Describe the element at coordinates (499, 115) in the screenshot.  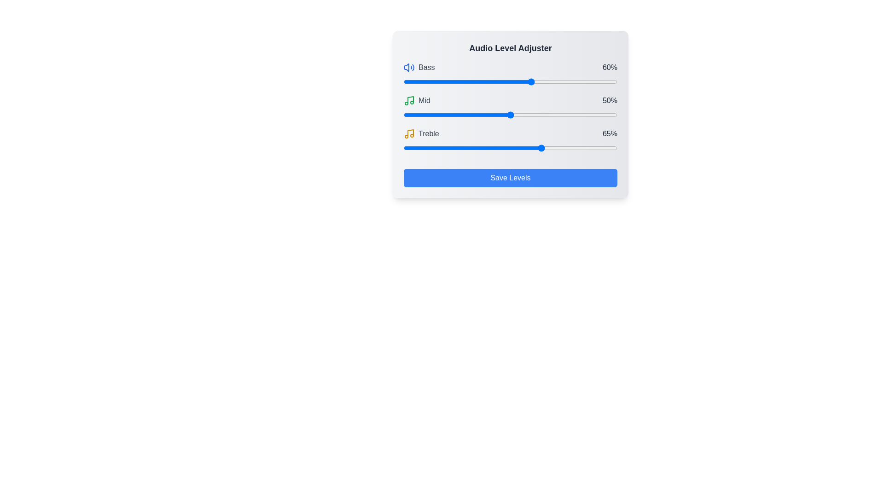
I see `the 'Mid' audio level` at that location.